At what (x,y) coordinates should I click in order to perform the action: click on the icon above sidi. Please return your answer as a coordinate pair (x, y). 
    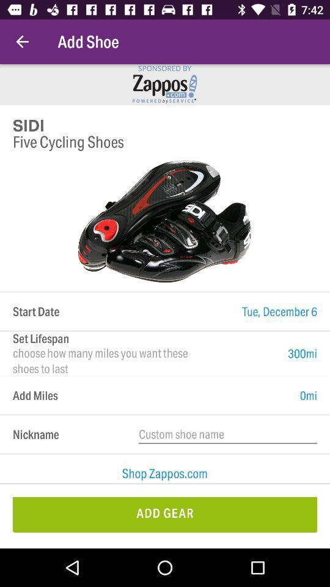
    Looking at the image, I should click on (22, 42).